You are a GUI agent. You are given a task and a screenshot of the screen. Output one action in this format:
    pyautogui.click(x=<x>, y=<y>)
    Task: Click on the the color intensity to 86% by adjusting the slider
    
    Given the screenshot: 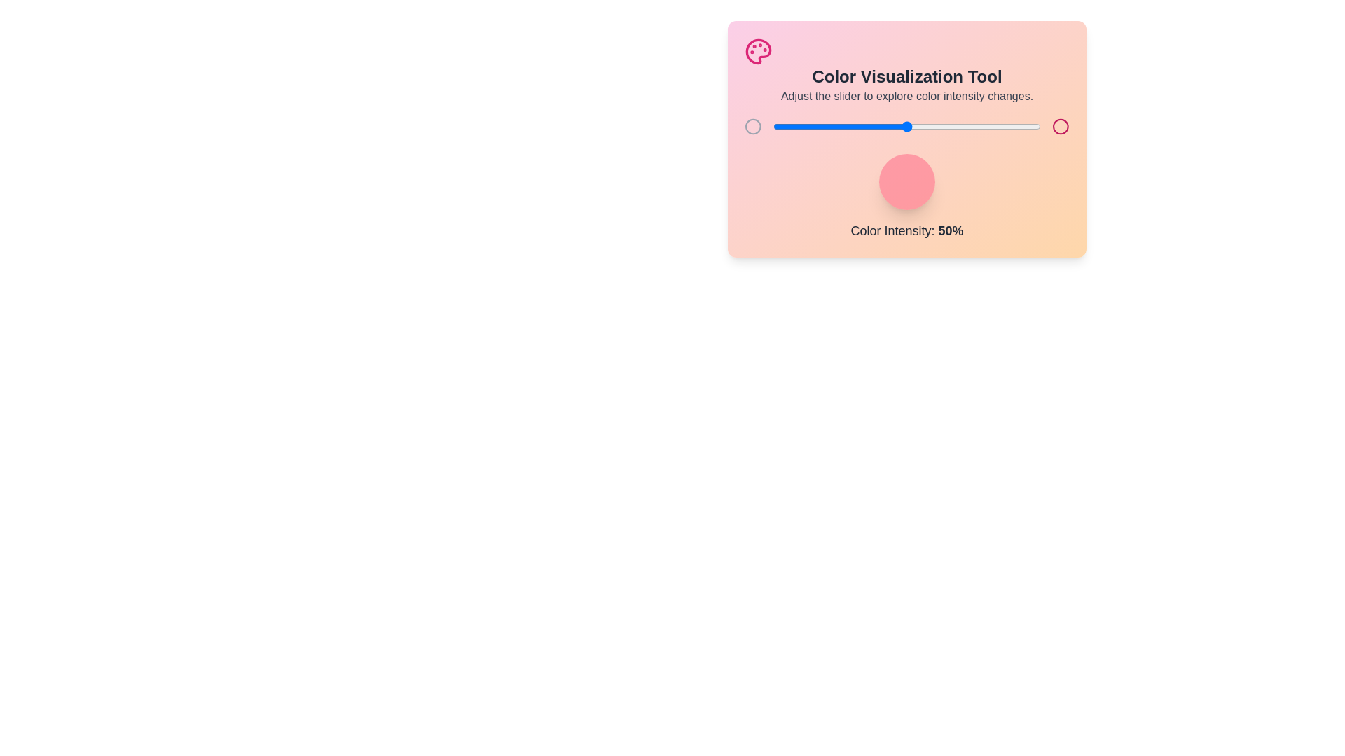 What is the action you would take?
    pyautogui.click(x=1002, y=127)
    